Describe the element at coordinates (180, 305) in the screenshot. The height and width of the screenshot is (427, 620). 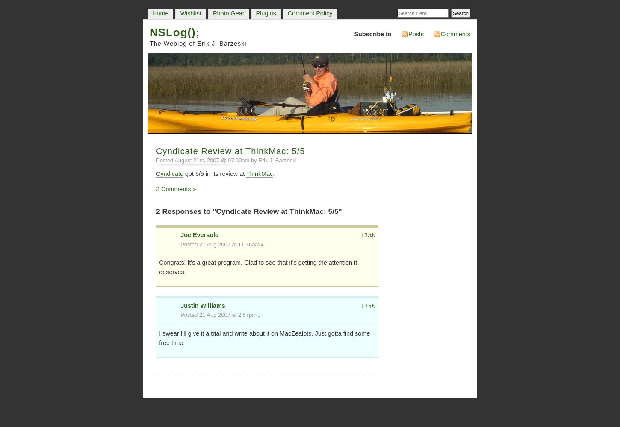
I see `'Justin Williams'` at that location.